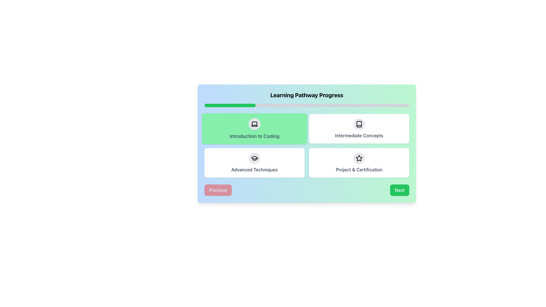 The width and height of the screenshot is (546, 307). I want to click on the Progress Bar indicating the user's progress through the learning pathway, which is located below the title 'Learning Pathway Progress' and shows a green section for completed progress, so click(307, 105).